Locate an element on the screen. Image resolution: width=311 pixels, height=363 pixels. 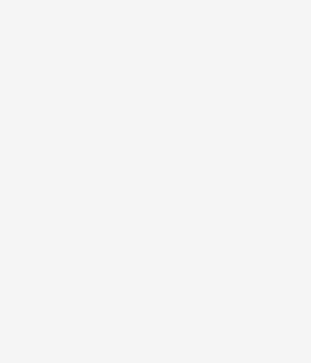
'# RELAX' is located at coordinates (49, 56).